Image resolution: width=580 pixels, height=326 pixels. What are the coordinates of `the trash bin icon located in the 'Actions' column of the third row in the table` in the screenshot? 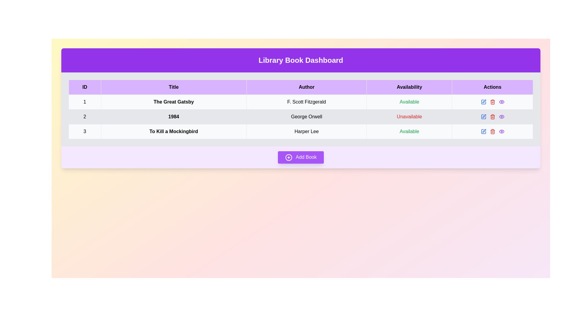 It's located at (492, 117).